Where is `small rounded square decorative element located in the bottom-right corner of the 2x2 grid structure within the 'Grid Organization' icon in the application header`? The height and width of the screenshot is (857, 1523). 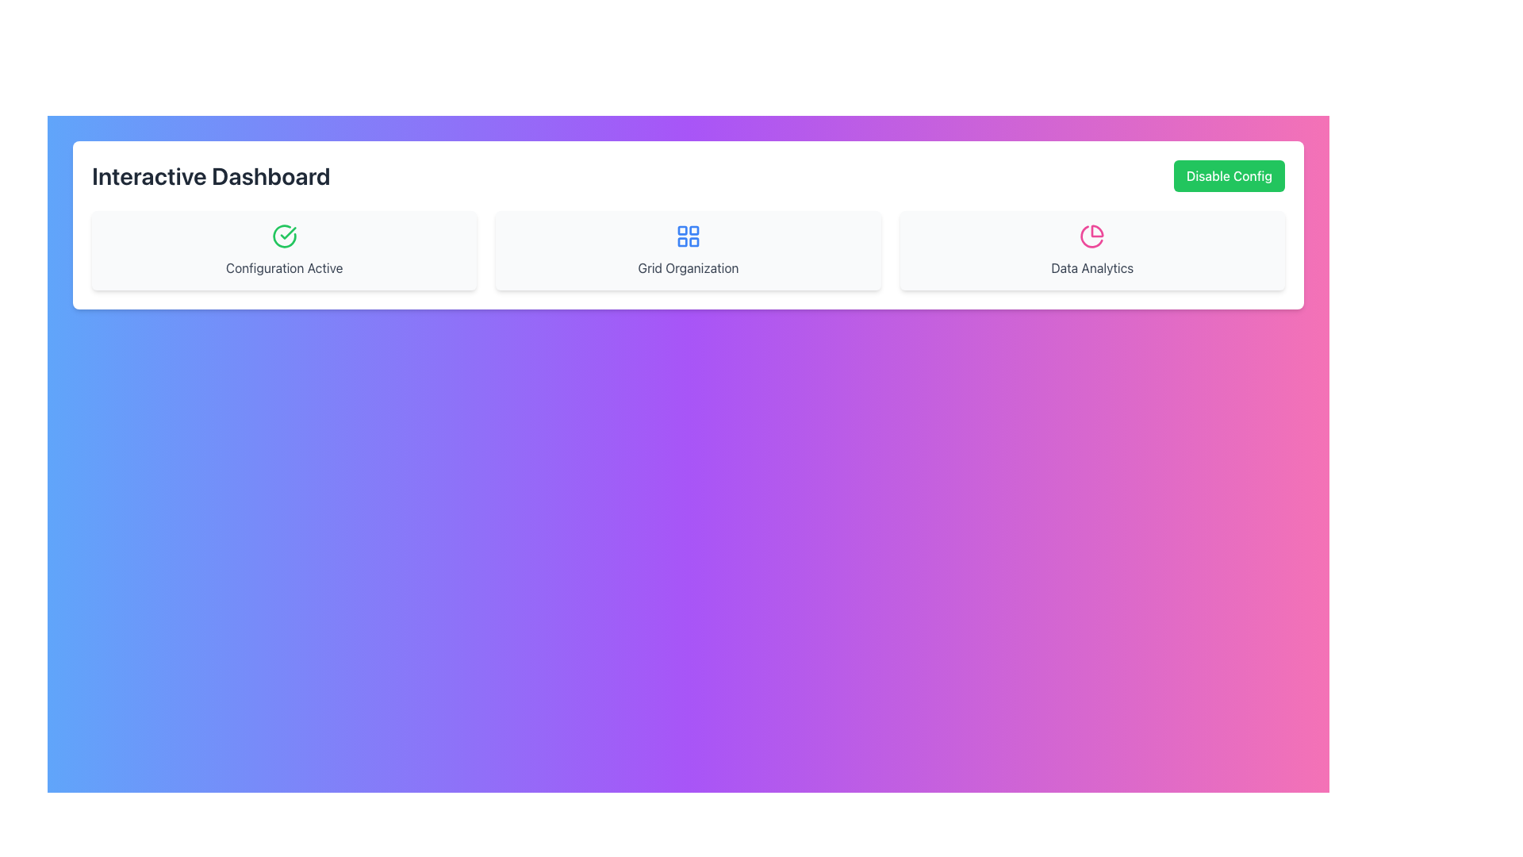 small rounded square decorative element located in the bottom-right corner of the 2x2 grid structure within the 'Grid Organization' icon in the application header is located at coordinates (694, 242).